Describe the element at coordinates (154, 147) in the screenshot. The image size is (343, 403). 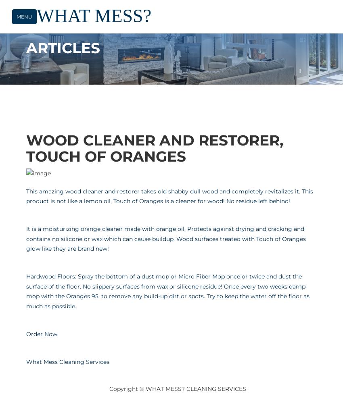
I see `'Wood Cleaner and restorer, Touch of oranges'` at that location.